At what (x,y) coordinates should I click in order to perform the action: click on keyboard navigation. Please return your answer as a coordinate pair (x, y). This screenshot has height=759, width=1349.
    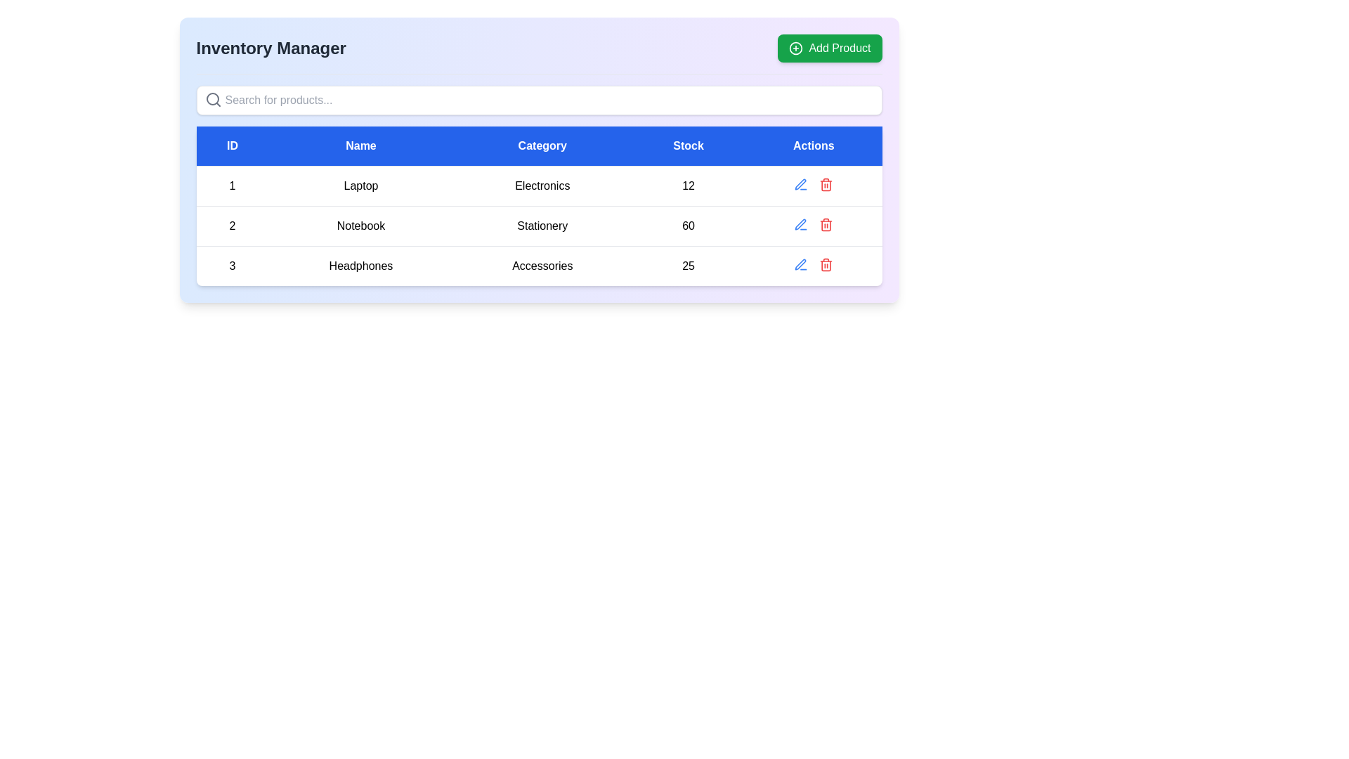
    Looking at the image, I should click on (830, 48).